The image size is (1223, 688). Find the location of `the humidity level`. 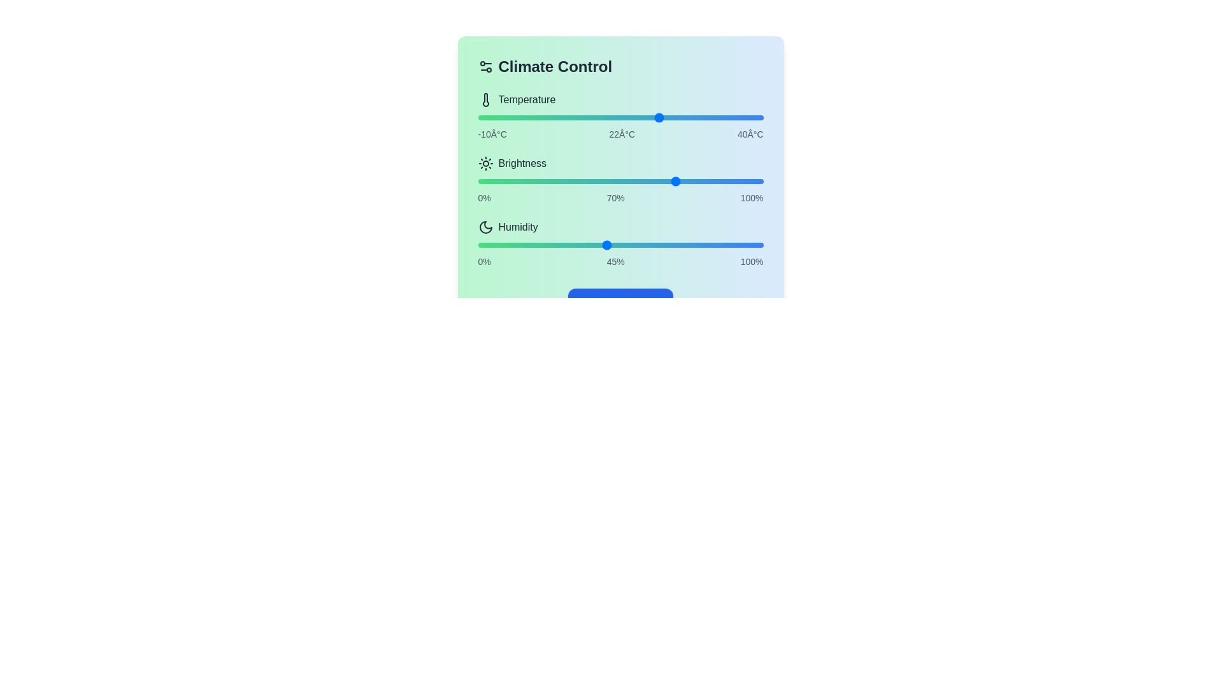

the humidity level is located at coordinates (726, 245).